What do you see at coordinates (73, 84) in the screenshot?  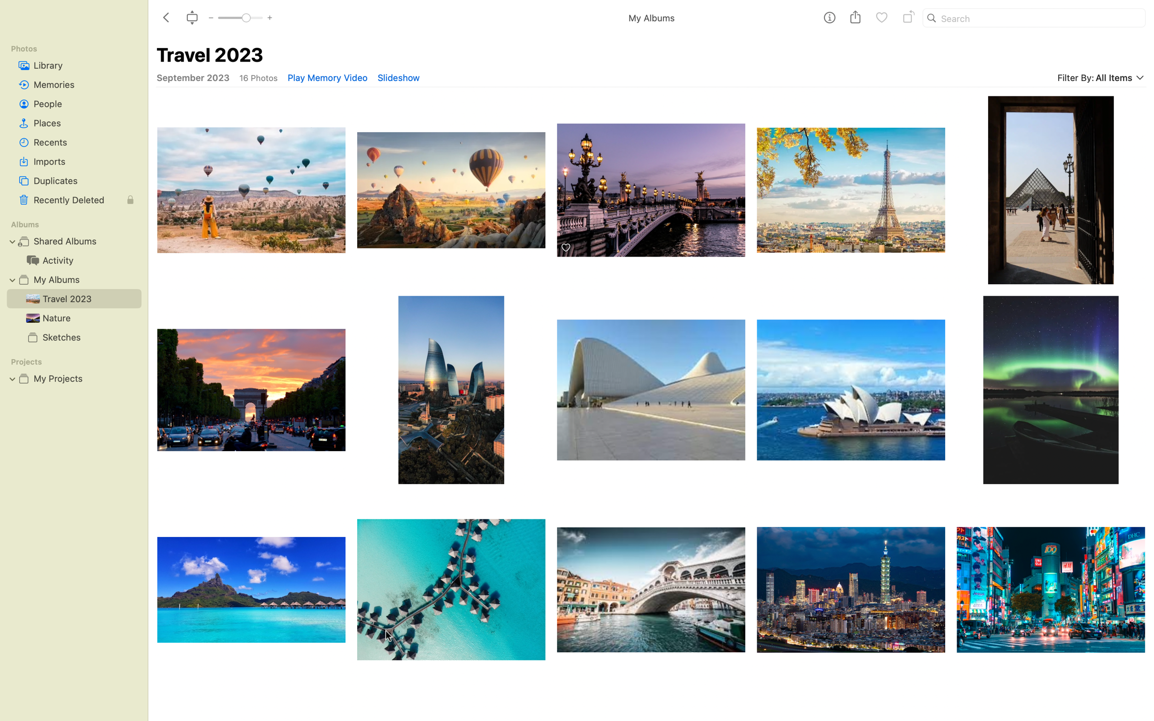 I see `the "Memories" album and use the top bar to zoom in on the photos` at bounding box center [73, 84].